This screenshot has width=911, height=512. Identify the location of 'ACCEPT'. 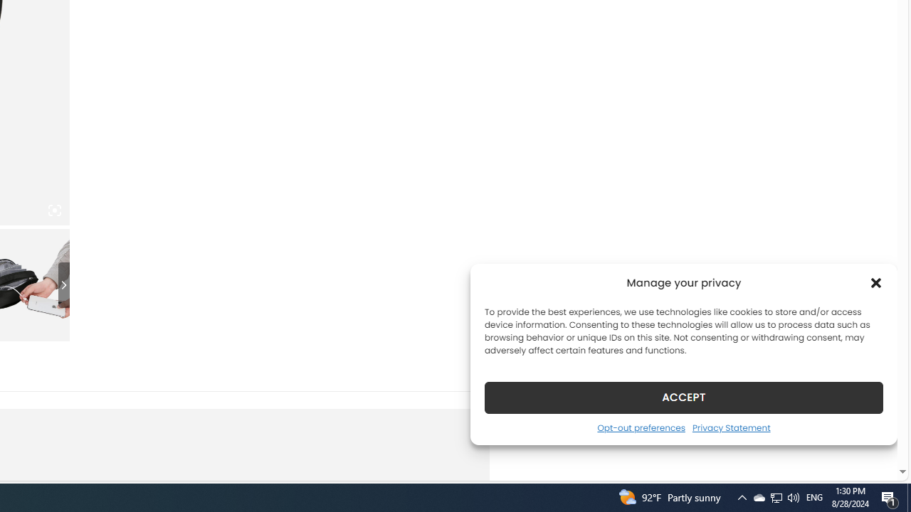
(684, 397).